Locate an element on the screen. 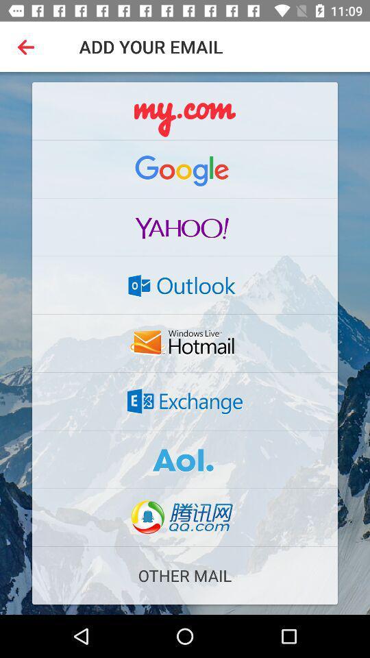  the logo mycom on the web page is located at coordinates (185, 110).